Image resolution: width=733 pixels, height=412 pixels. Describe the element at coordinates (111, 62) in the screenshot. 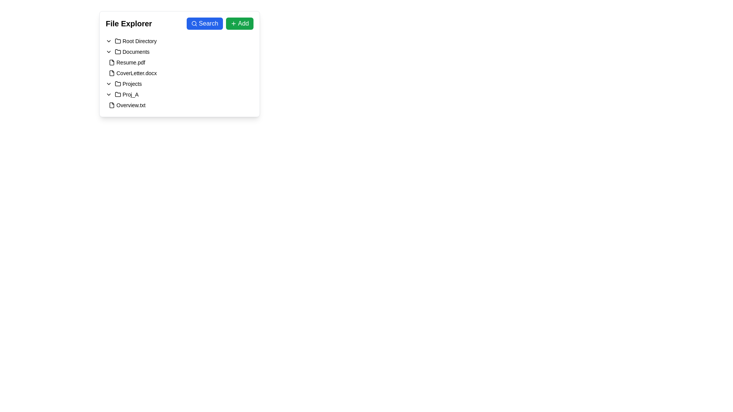

I see `the 'Resume.pdf' file icon in the file explorer, which visually depicts the file as a distinct item` at that location.